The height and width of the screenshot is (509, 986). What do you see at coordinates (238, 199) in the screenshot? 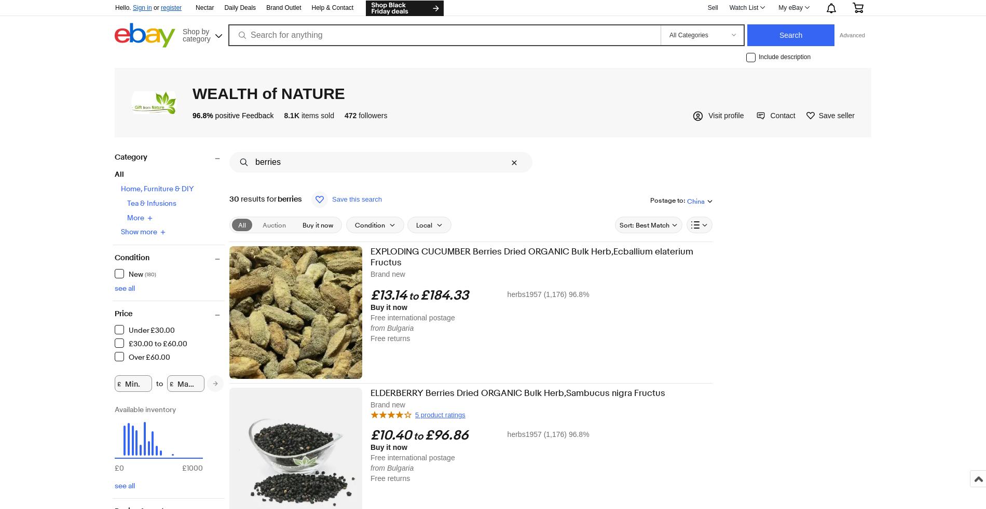
I see `'results for'` at bounding box center [238, 199].